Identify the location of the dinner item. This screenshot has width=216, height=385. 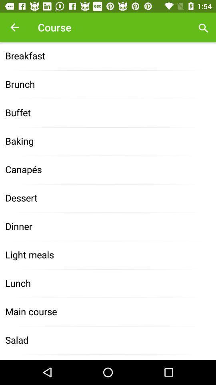
(108, 227).